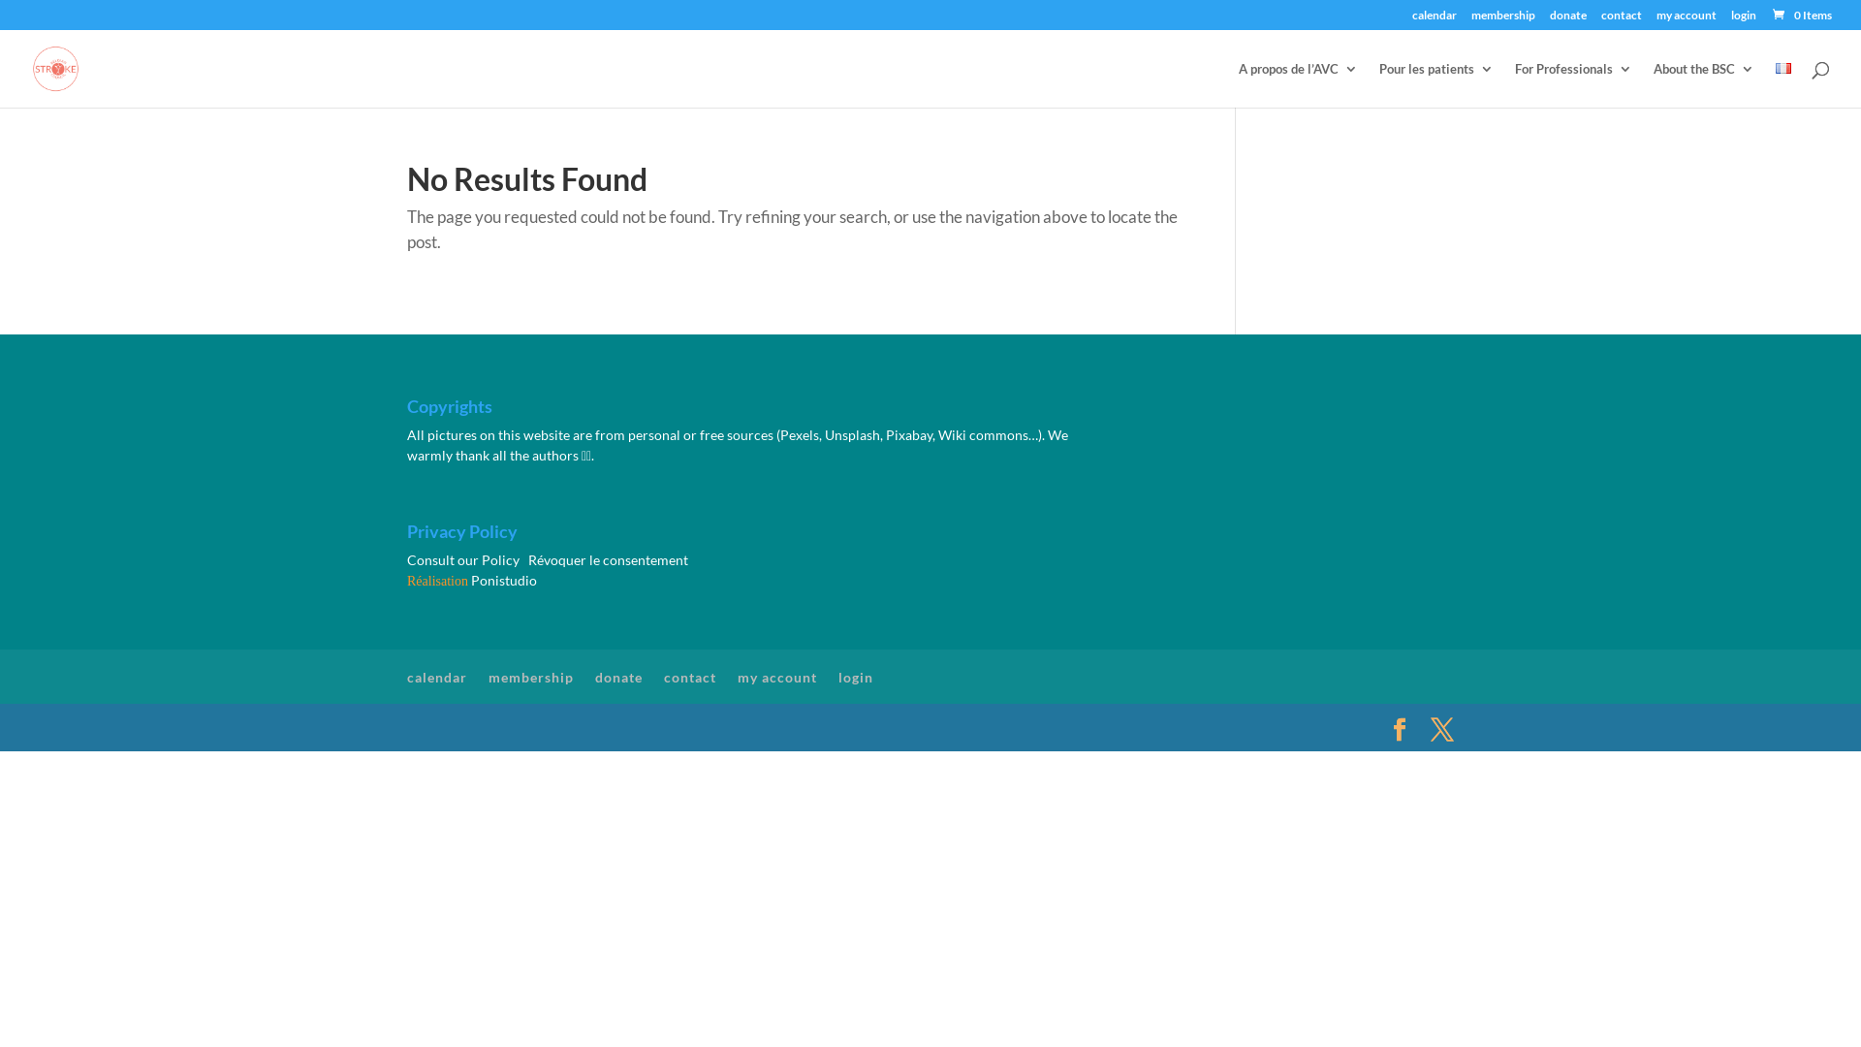  I want to click on 'donate', so click(1567, 19).